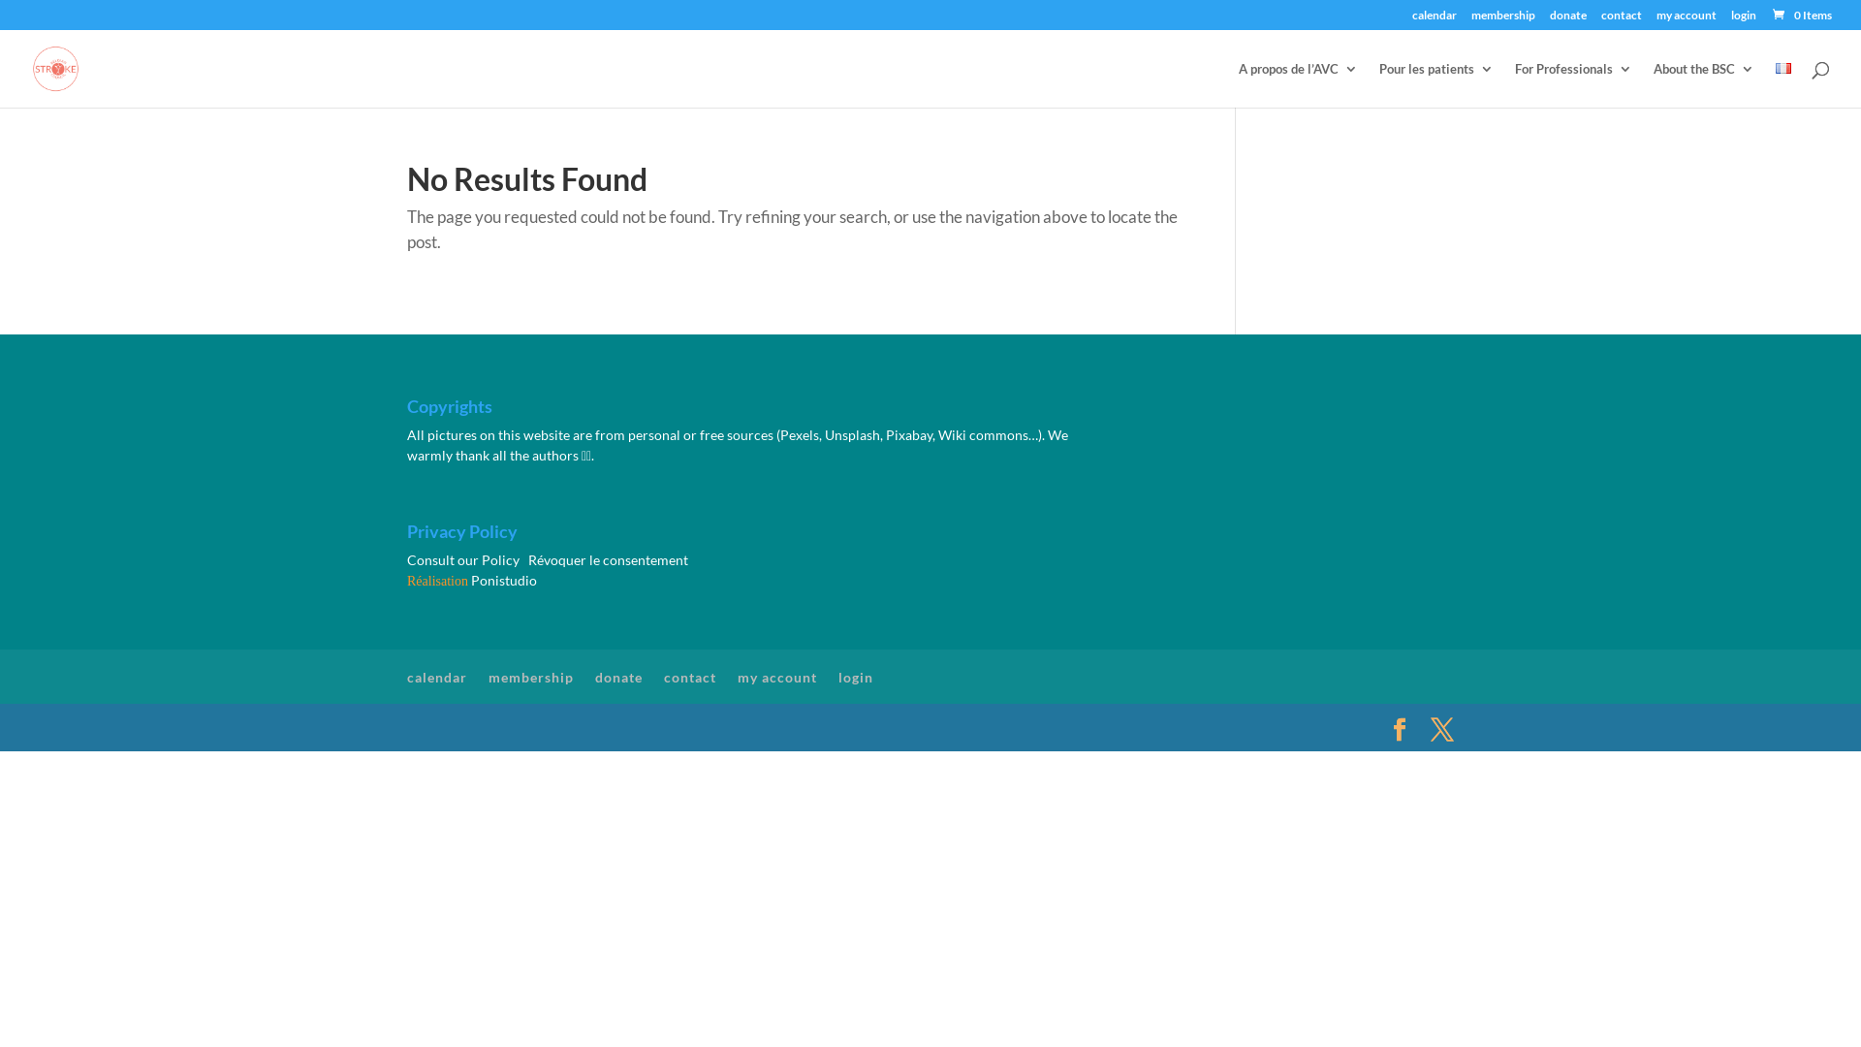  I want to click on 'donate', so click(1567, 19).